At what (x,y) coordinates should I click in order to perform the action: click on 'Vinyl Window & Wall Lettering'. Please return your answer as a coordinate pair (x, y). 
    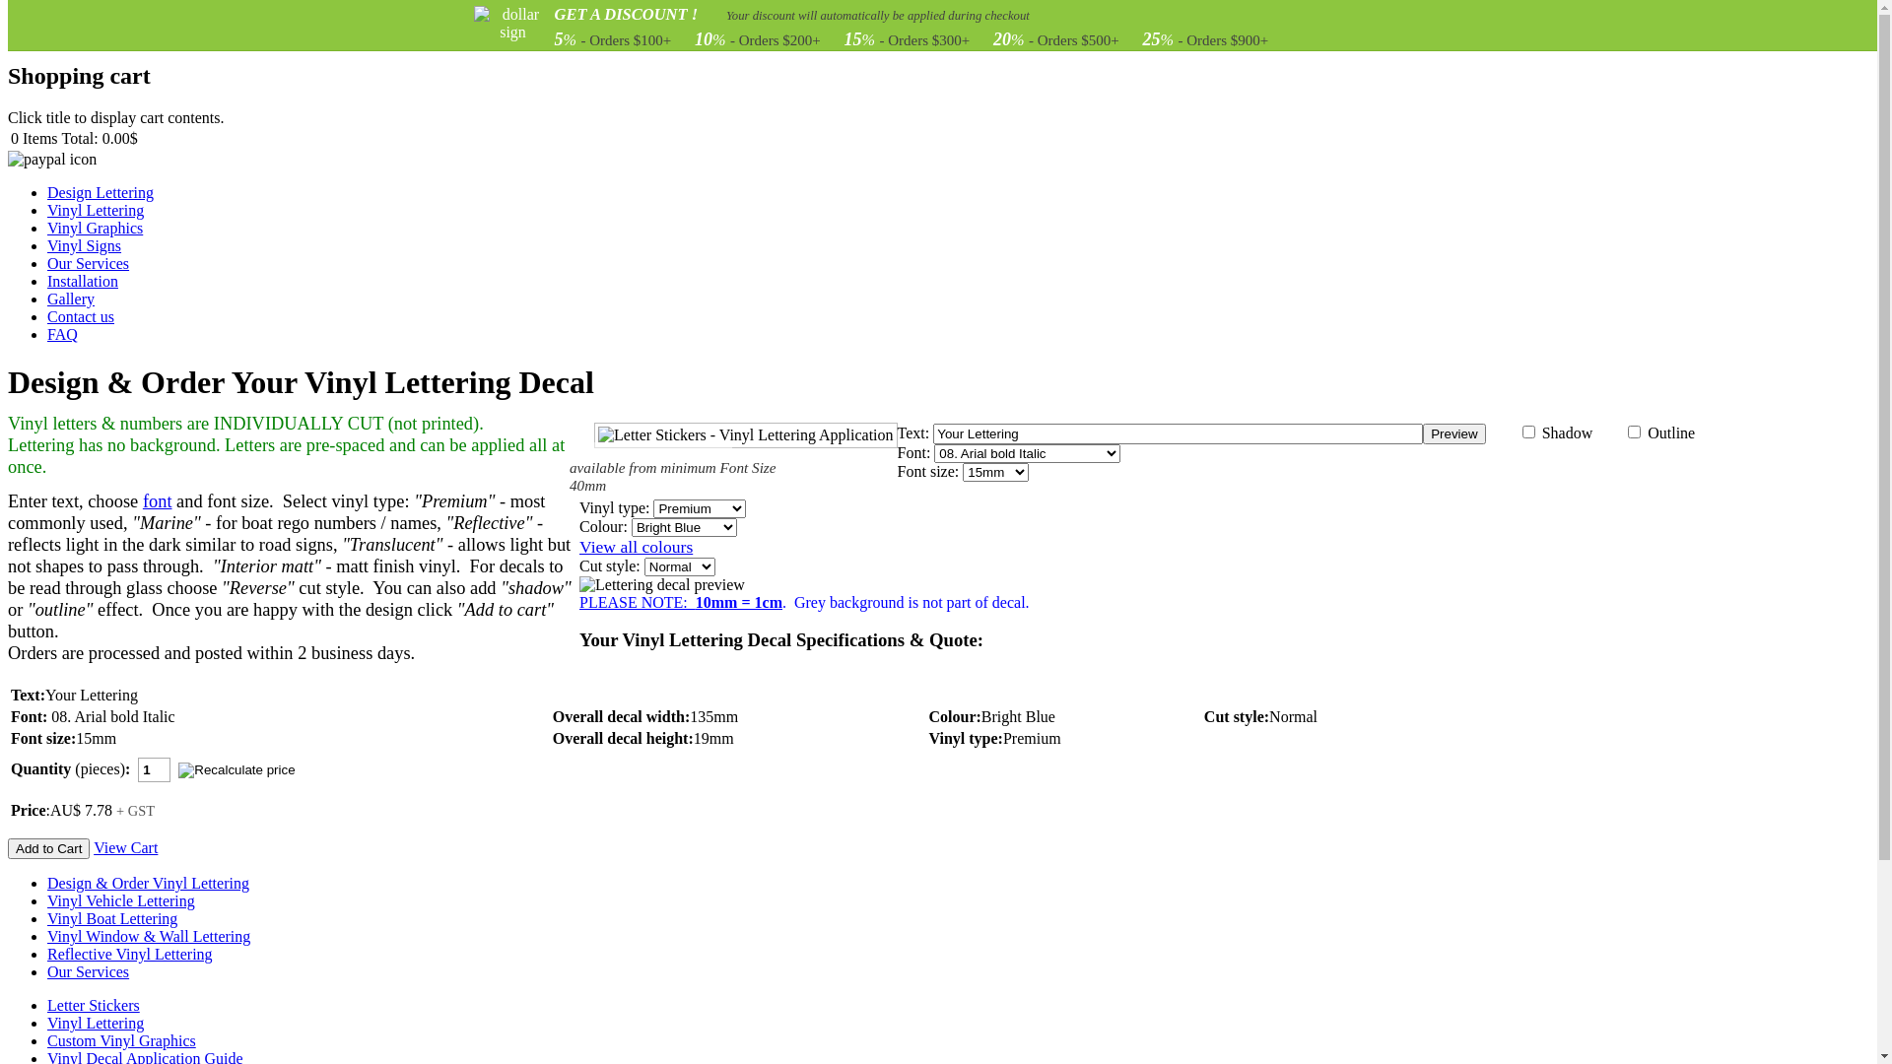
    Looking at the image, I should click on (147, 935).